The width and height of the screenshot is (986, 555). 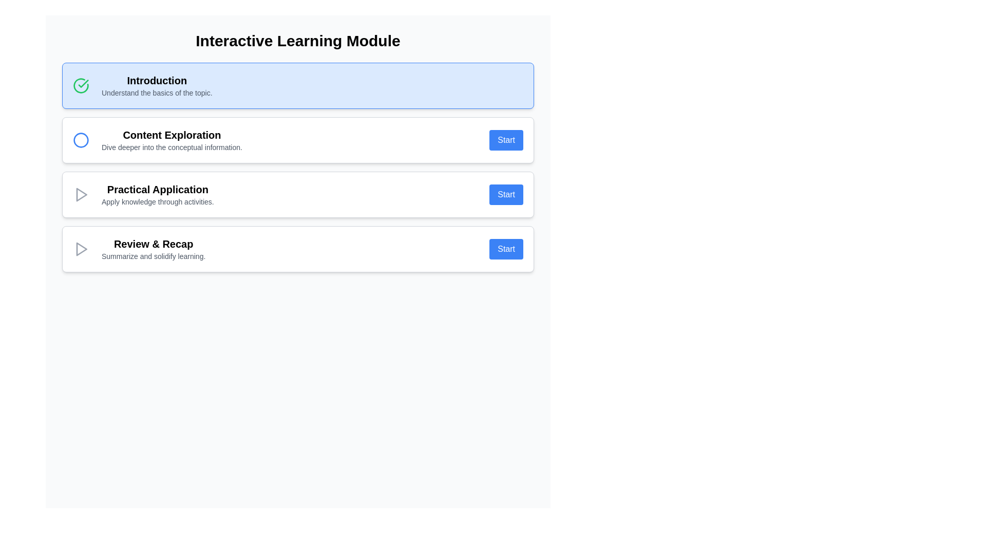 I want to click on the decorative SVG-based icon representing the 'Content Exploration' section, located to the left of the 'Content Exploration' title text, so click(x=81, y=140).